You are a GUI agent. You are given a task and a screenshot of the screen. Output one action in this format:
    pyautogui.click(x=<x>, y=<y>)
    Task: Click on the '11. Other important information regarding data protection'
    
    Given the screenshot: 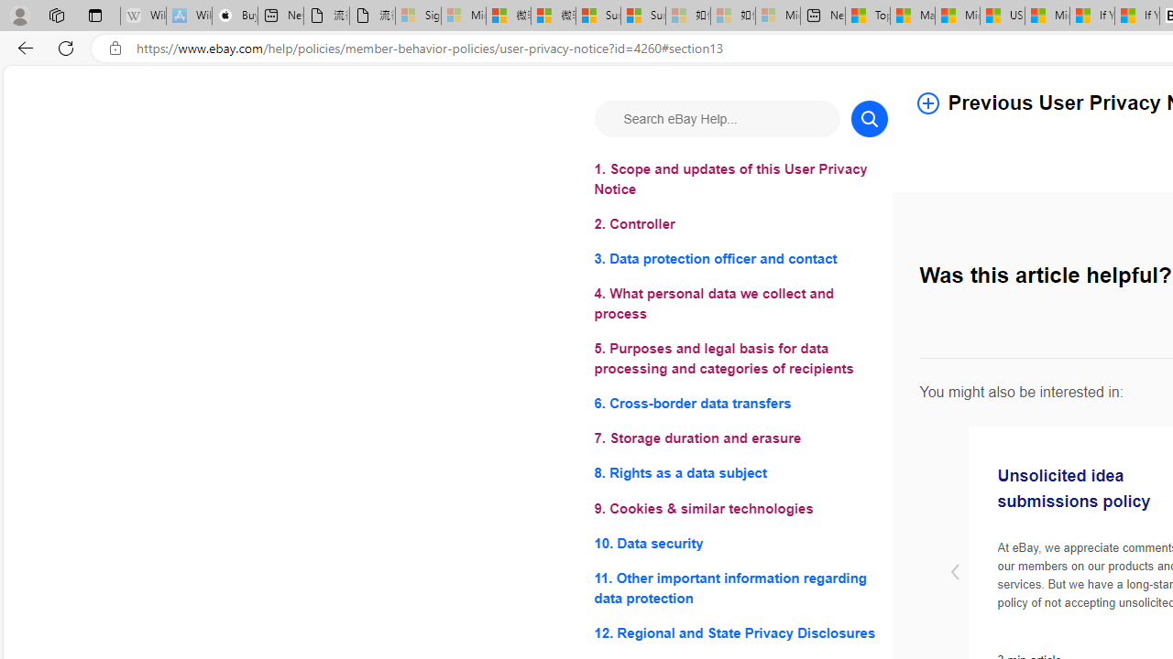 What is the action you would take?
    pyautogui.click(x=740, y=588)
    